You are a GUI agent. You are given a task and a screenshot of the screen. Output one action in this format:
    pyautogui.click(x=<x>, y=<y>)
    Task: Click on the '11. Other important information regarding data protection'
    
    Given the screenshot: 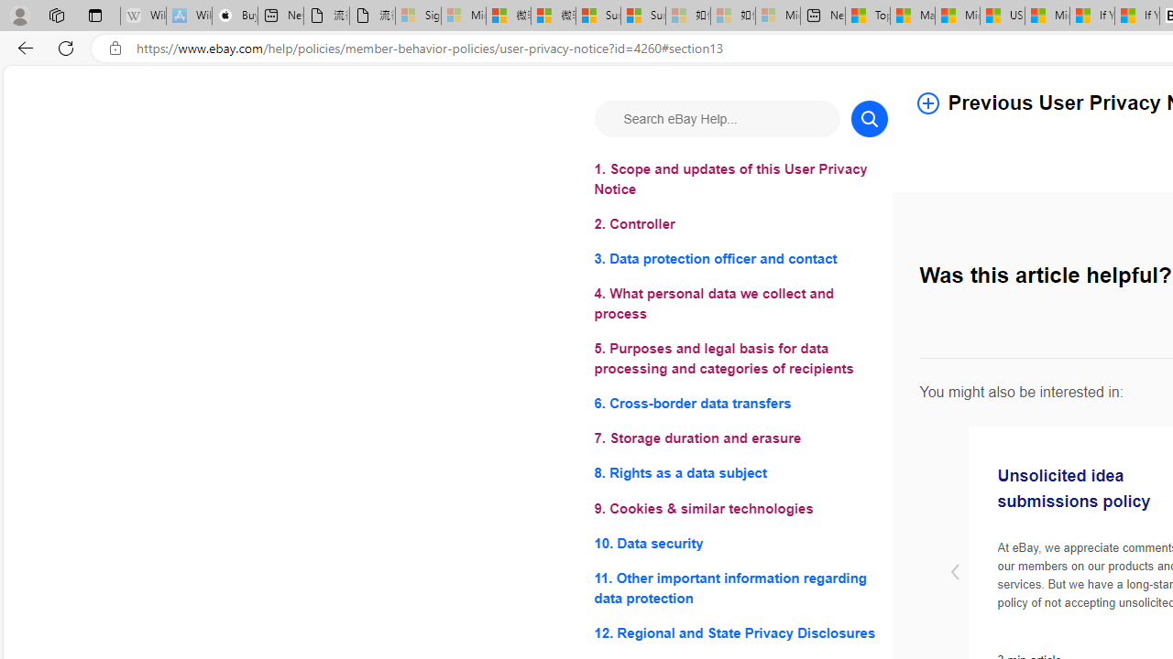 What is the action you would take?
    pyautogui.click(x=740, y=588)
    